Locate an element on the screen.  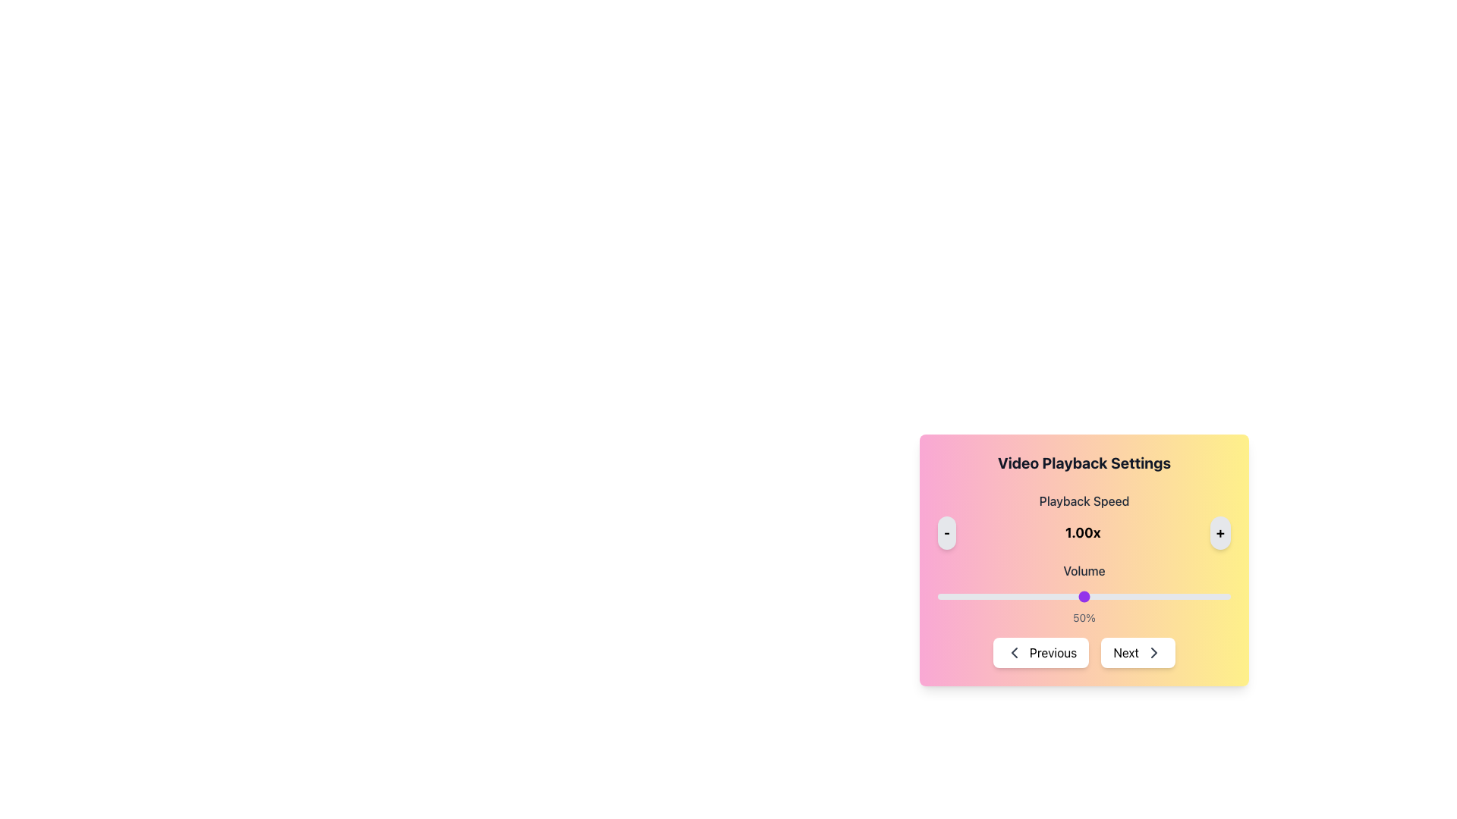
the volume slider is located at coordinates (1005, 595).